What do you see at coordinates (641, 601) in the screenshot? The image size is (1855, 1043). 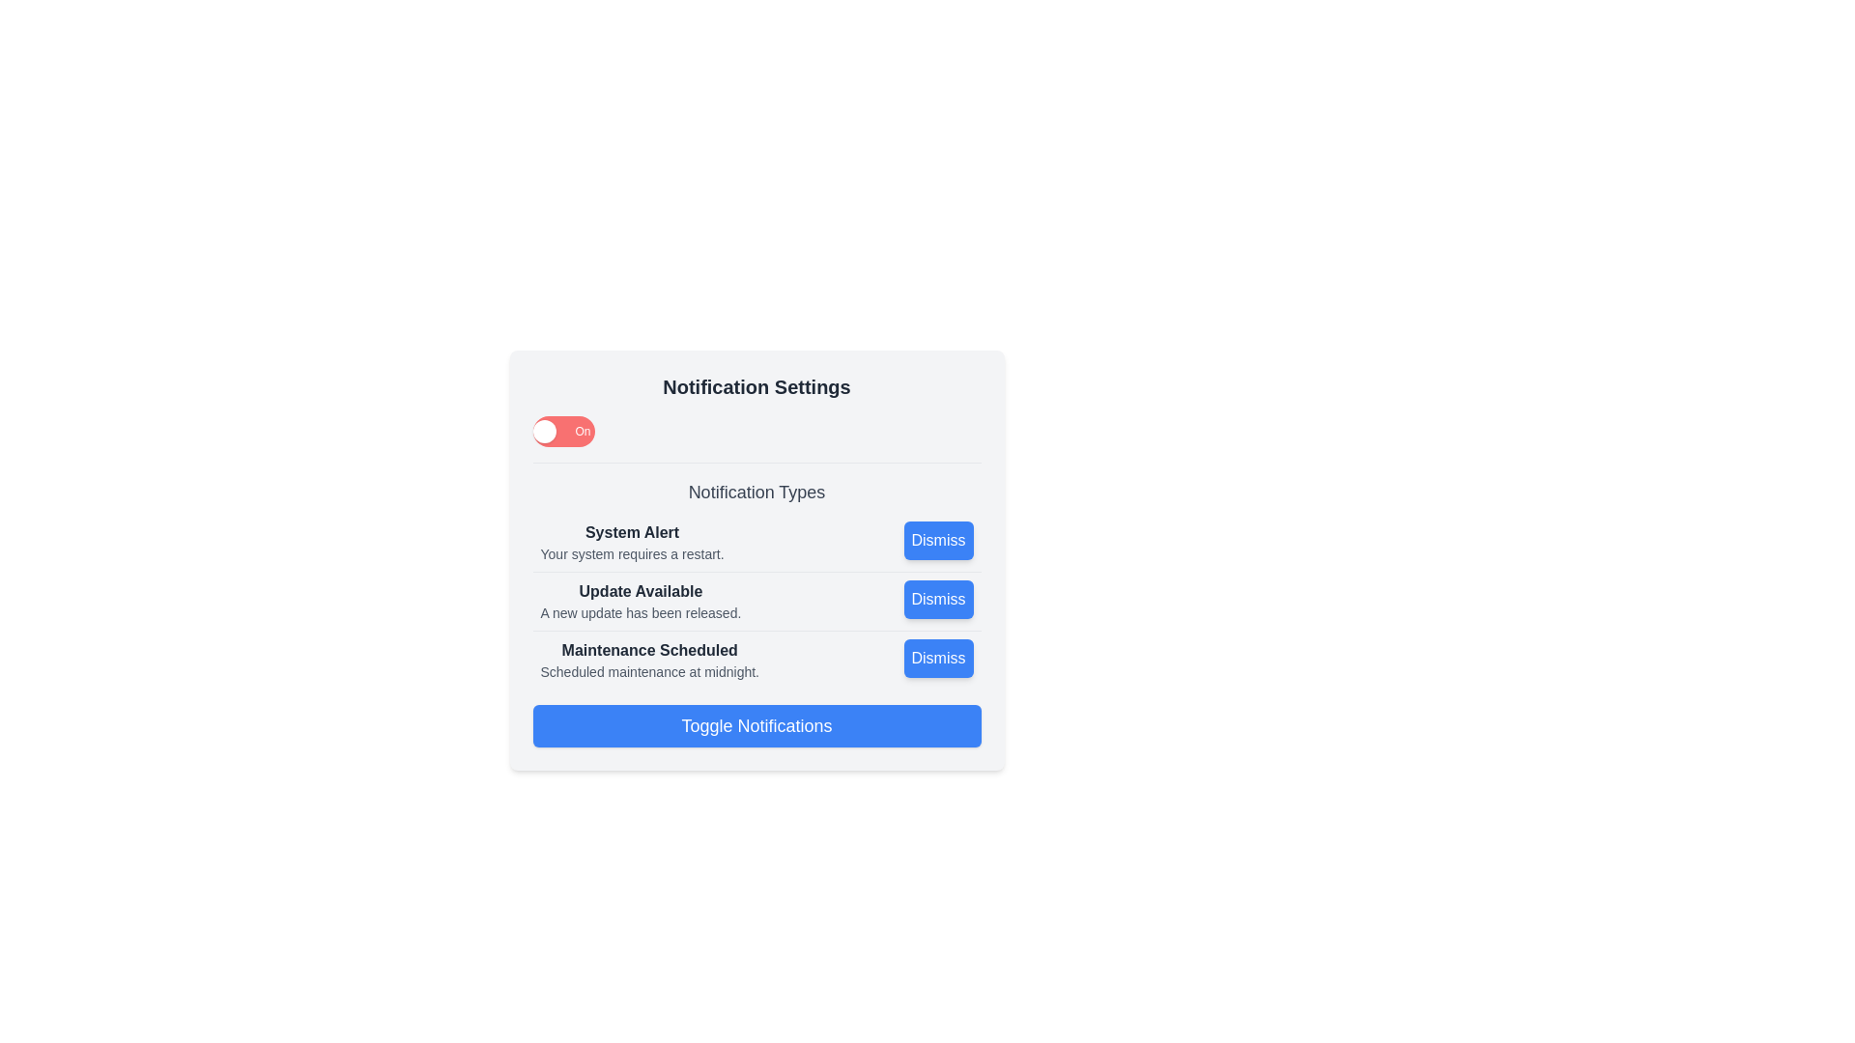 I see `information displayed in the 'Update Available' text label, which consists of two lines: 'Update Available' and 'A new update has been released.'` at bounding box center [641, 601].